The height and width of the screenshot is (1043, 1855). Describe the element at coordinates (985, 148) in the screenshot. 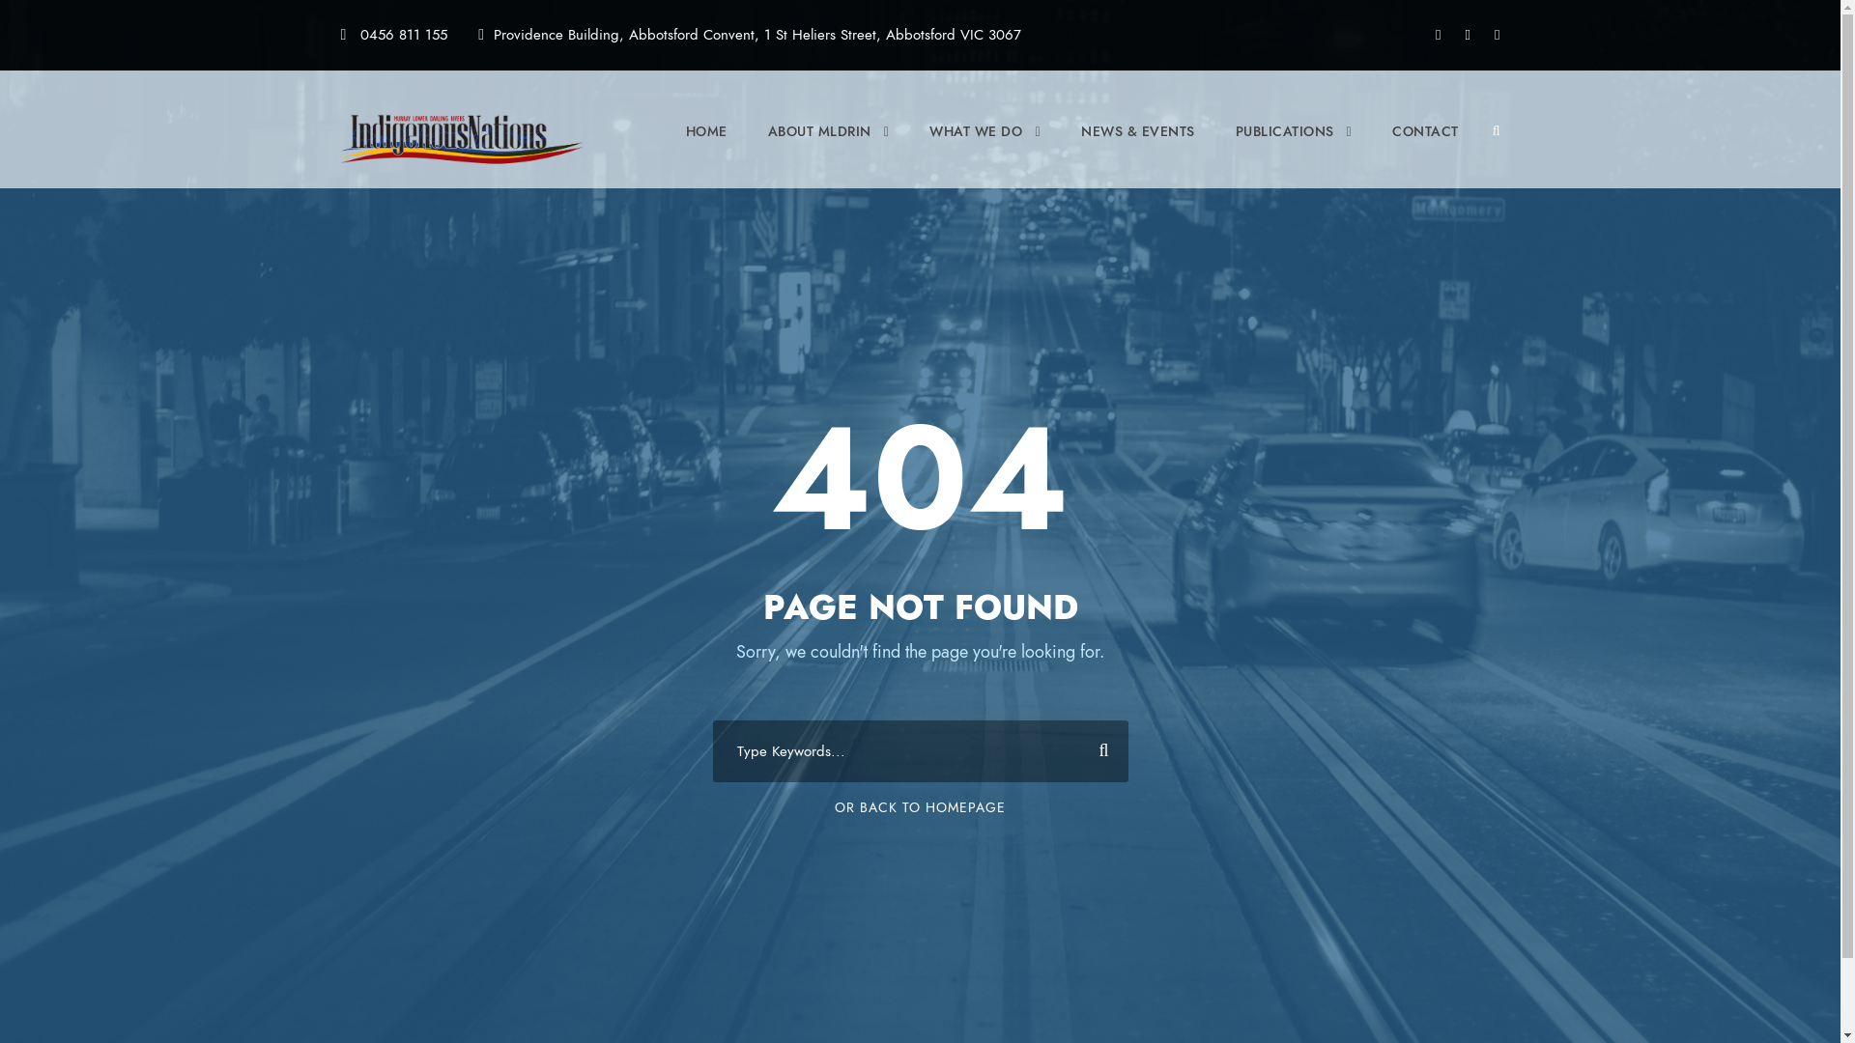

I see `'WHAT WE DO'` at that location.